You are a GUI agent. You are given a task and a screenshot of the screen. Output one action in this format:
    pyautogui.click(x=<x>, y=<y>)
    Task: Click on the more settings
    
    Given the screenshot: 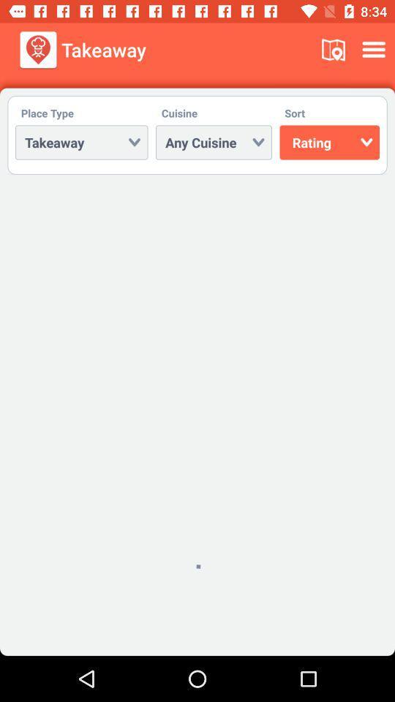 What is the action you would take?
    pyautogui.click(x=376, y=50)
    